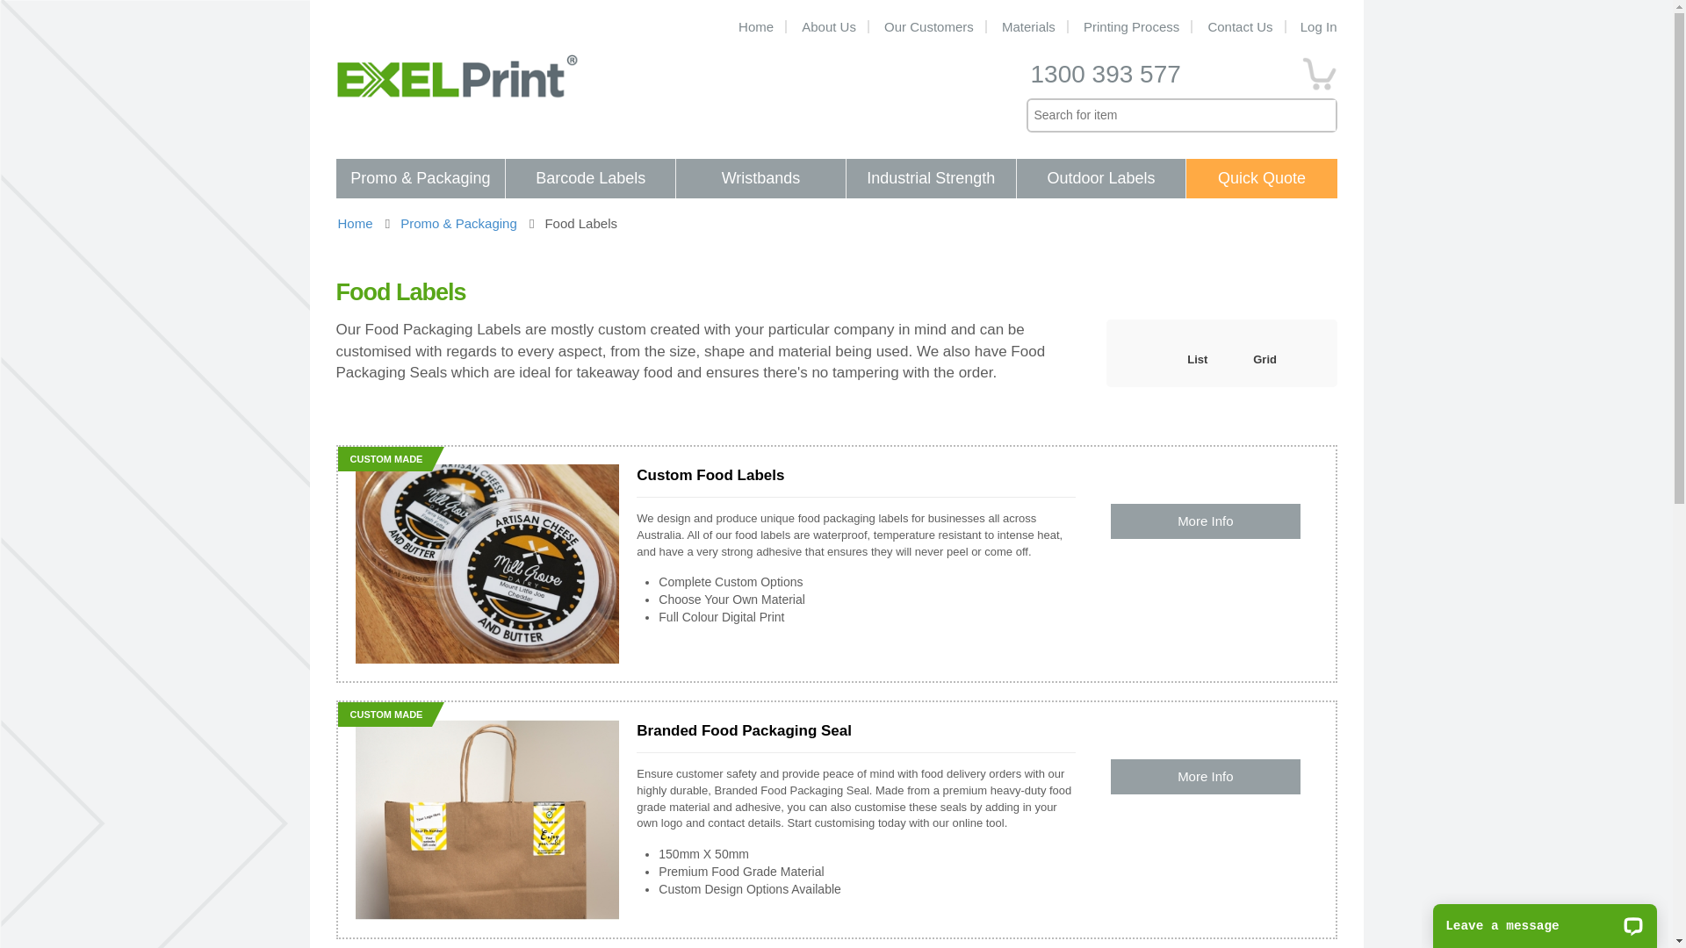 This screenshot has height=948, width=1686. What do you see at coordinates (829, 26) in the screenshot?
I see `'About Us'` at bounding box center [829, 26].